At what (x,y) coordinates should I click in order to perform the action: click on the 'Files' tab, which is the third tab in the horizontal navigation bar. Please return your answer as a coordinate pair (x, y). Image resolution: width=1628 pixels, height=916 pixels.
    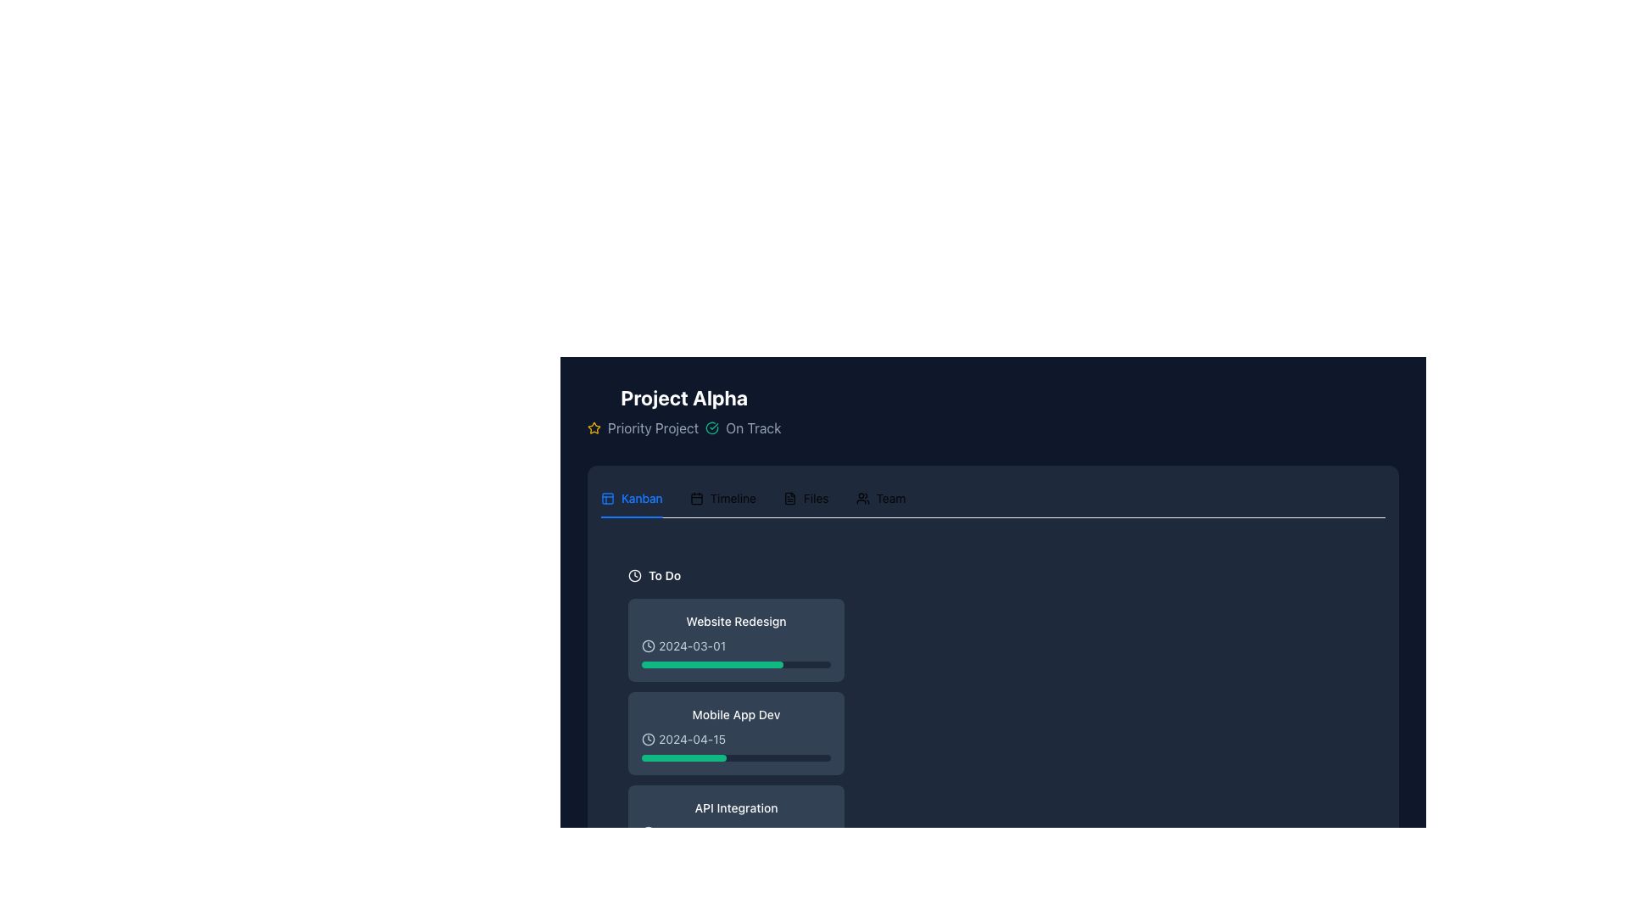
    Looking at the image, I should click on (805, 497).